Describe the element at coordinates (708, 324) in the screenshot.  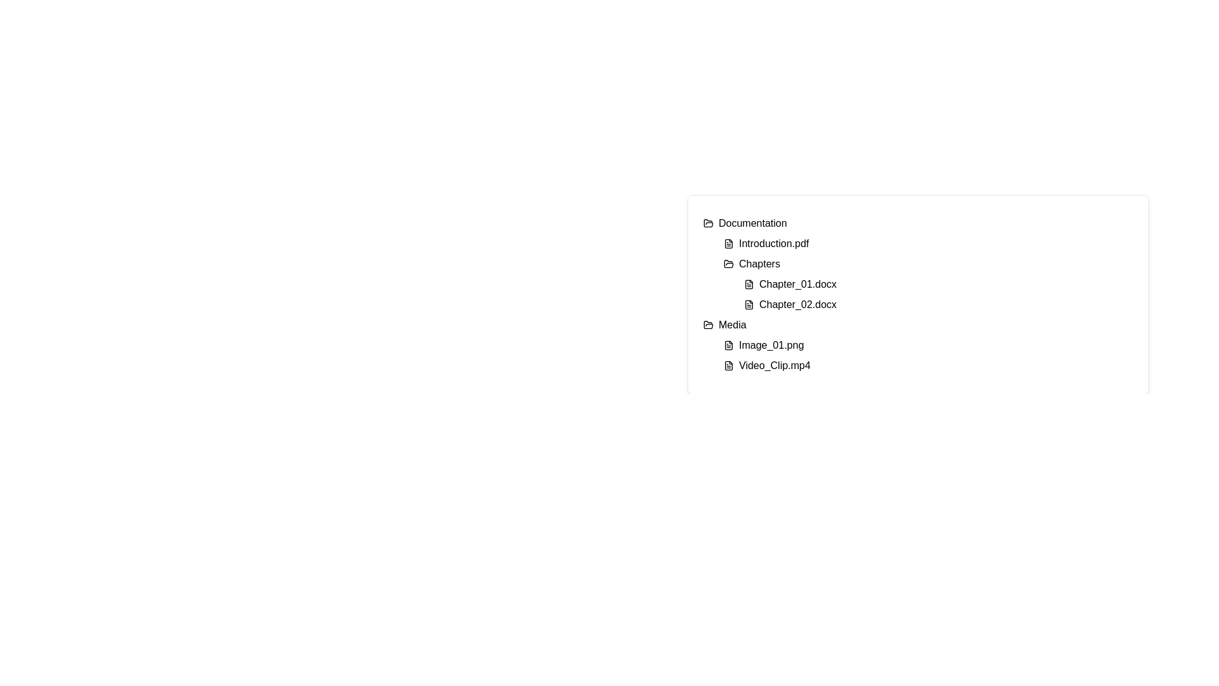
I see `the open folder icon representing the 'Media' section in the right-side pane of the interface` at that location.